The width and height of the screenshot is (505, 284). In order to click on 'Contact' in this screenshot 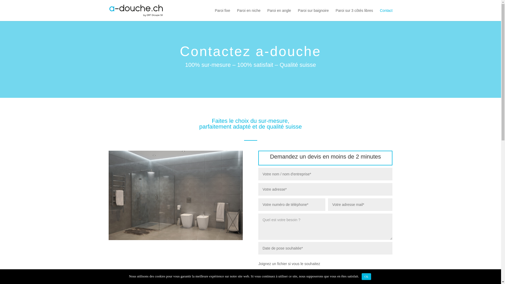, I will do `click(380, 14)`.